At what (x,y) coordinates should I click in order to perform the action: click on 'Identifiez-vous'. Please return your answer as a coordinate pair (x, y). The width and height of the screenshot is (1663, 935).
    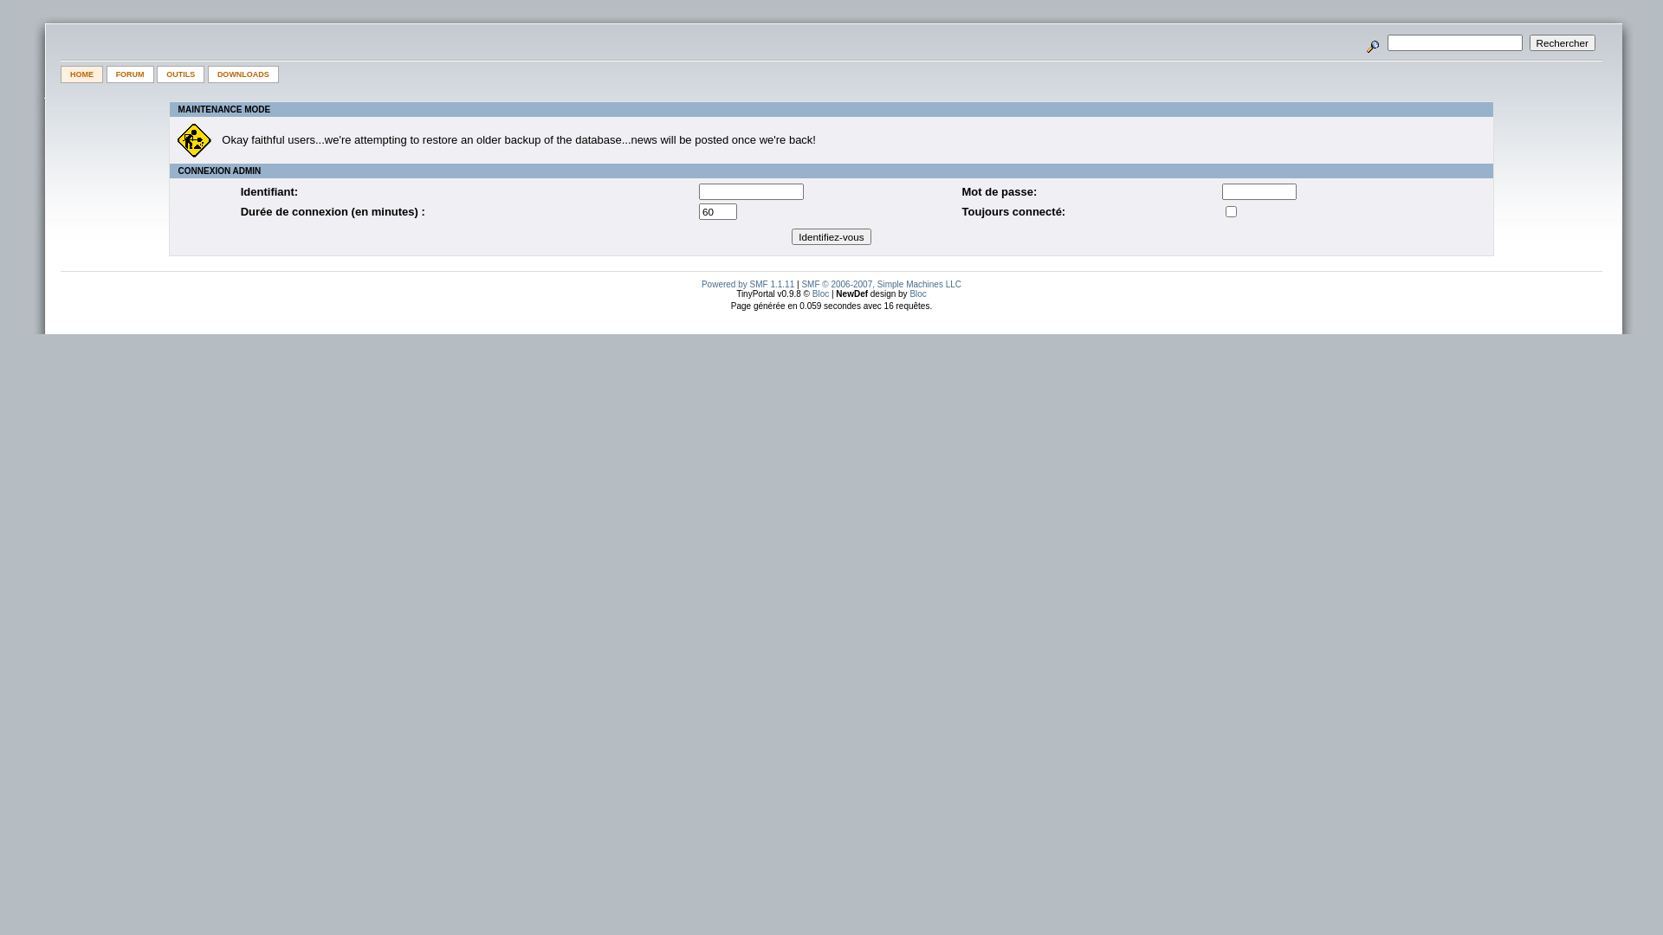
    Looking at the image, I should click on (790, 236).